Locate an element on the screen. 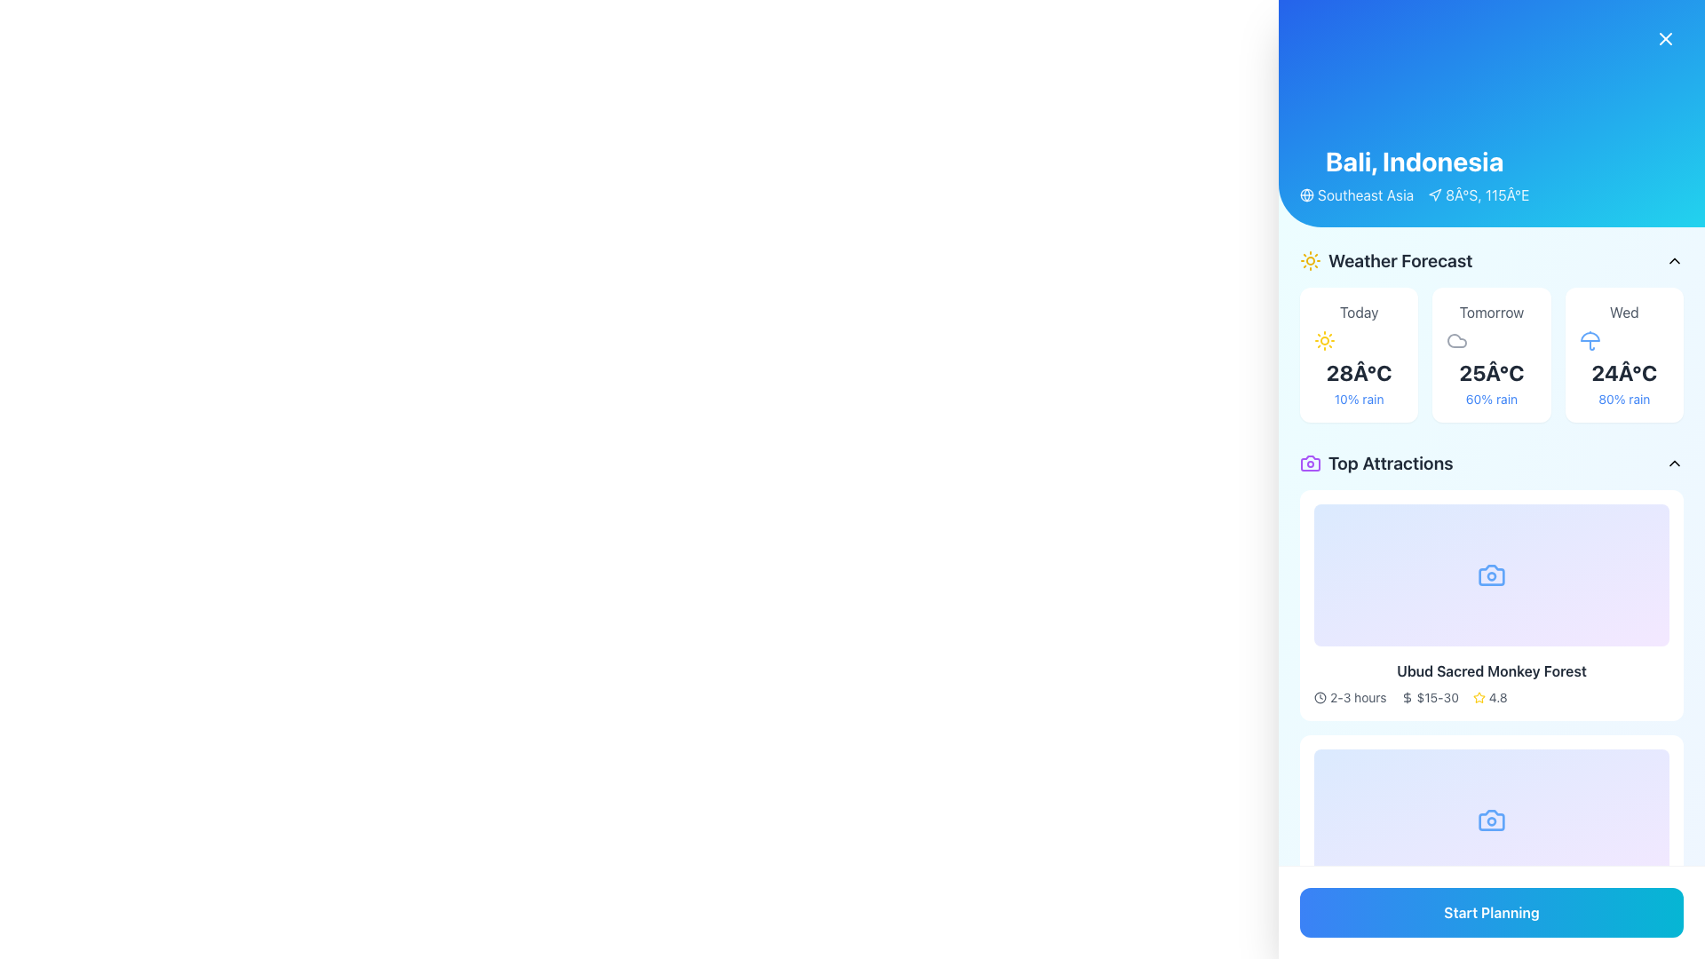 The image size is (1705, 959). the text label reading '2-3 hours' located beneath the 'Ubud Sacred Monkey Forest' card in the 'Top Attractions' section, positioned to the right of a clock icon is located at coordinates (1357, 697).